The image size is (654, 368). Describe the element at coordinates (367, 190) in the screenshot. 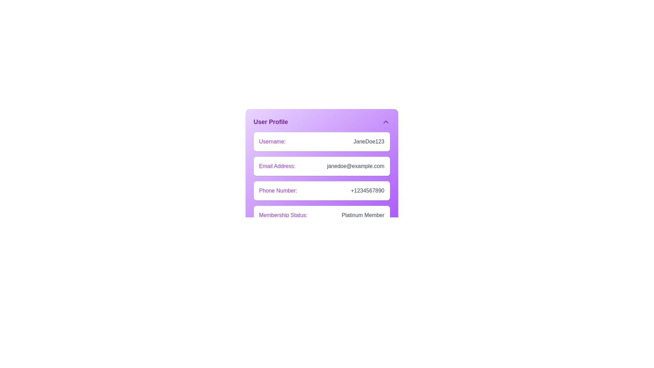

I see `the label displaying the phone number '+1234567890' which changes color on hover, located to the right of 'Phone Number:' in the user profile section` at that location.